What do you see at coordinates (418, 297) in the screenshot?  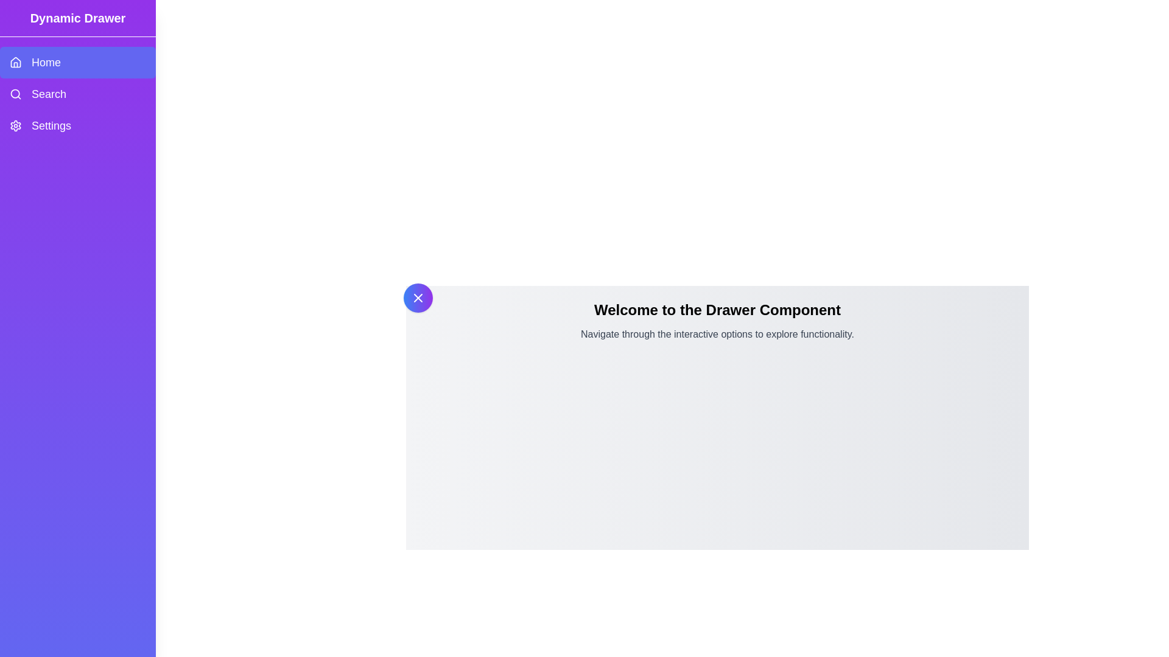 I see `toggle button to change the drawer state` at bounding box center [418, 297].